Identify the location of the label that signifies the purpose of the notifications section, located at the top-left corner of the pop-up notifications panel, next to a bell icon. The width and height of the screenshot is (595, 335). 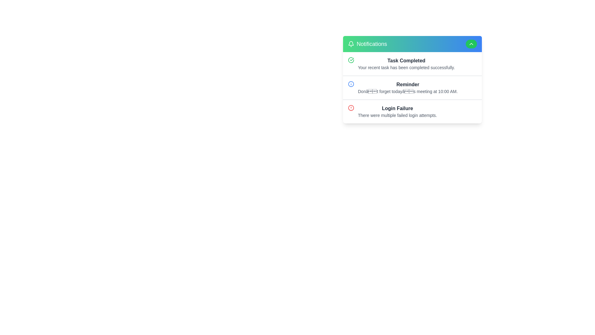
(372, 44).